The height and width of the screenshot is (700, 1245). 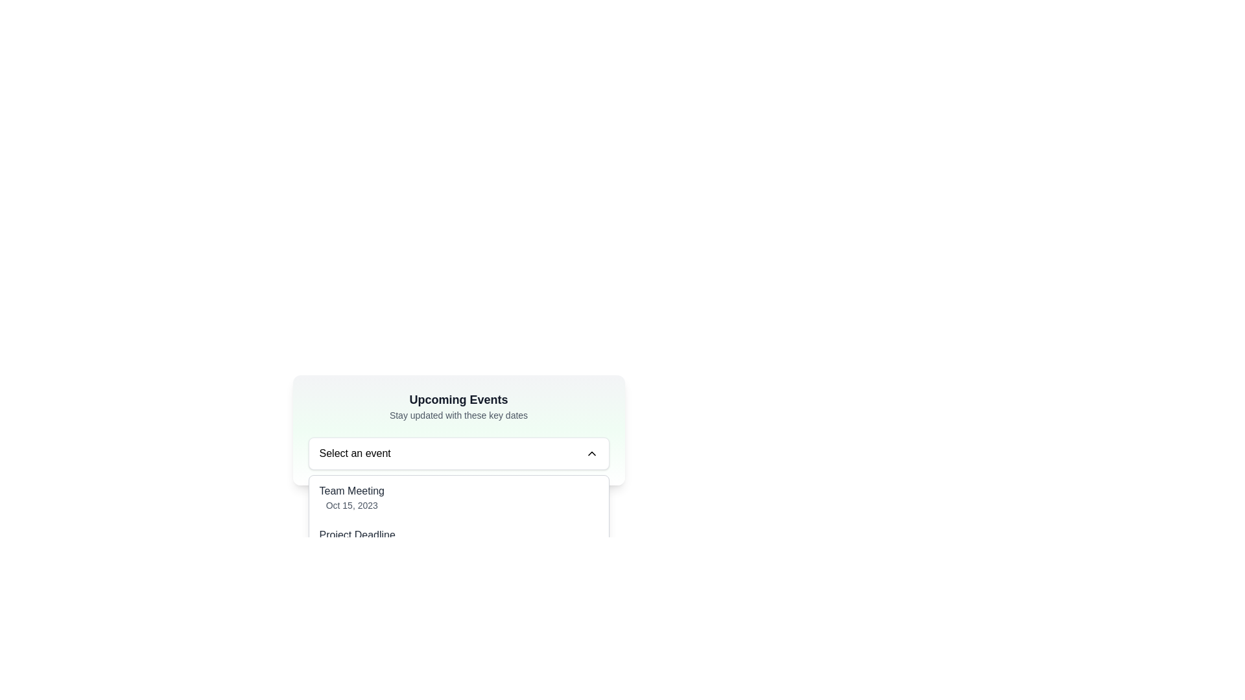 I want to click on the first text label in the event selection list under the 'Select an event' dropdown in the 'Upcoming Events' section, so click(x=351, y=496).